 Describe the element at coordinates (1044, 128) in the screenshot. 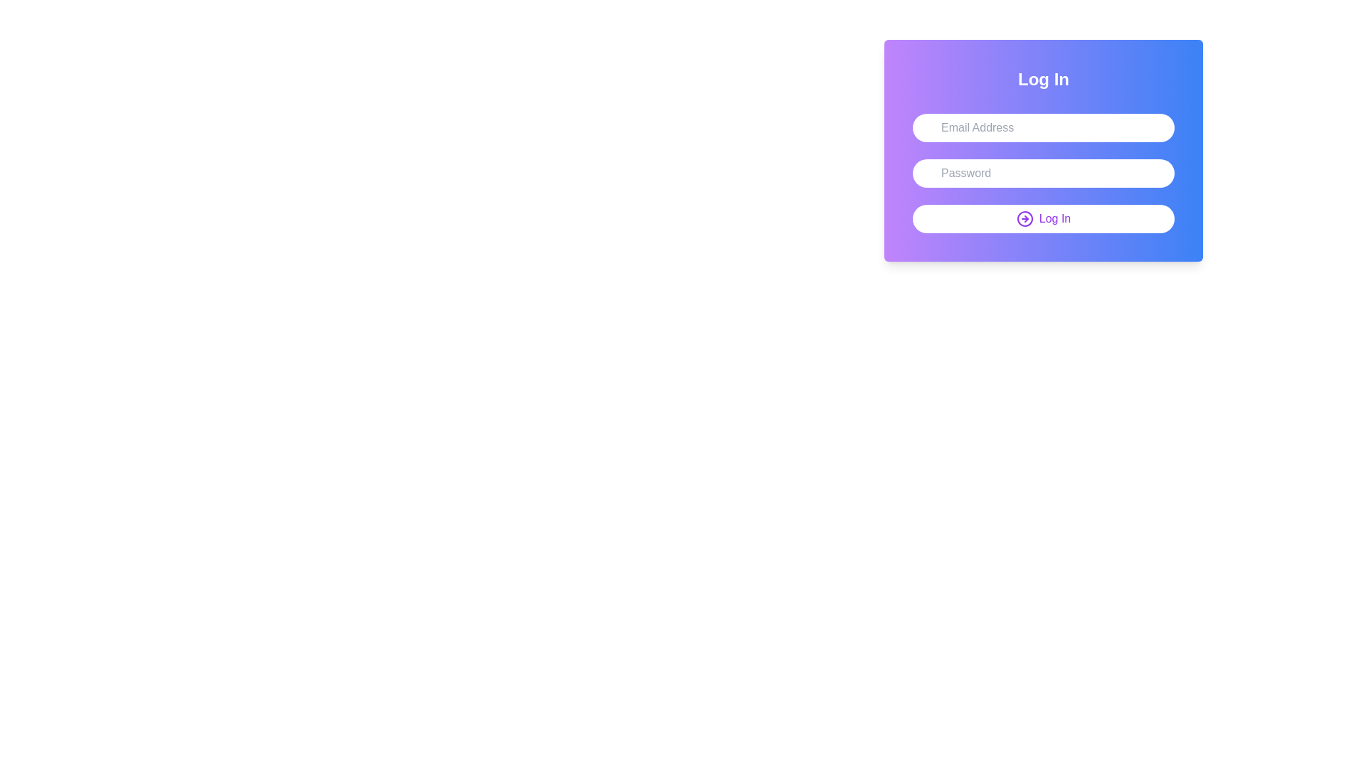

I see `the email input field in the login form` at that location.